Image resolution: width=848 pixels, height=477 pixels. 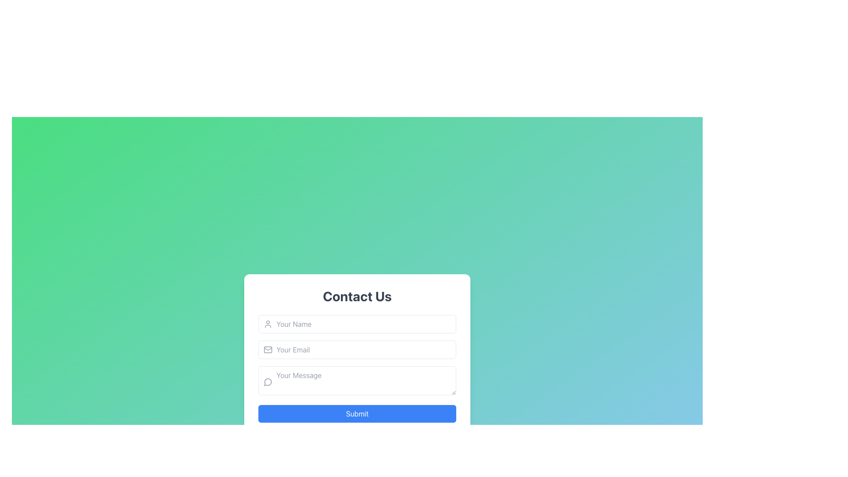 What do you see at coordinates (267, 382) in the screenshot?
I see `the circular dashed icon located inside the 'Your Message' input field, to the left of the input placeholder text` at bounding box center [267, 382].